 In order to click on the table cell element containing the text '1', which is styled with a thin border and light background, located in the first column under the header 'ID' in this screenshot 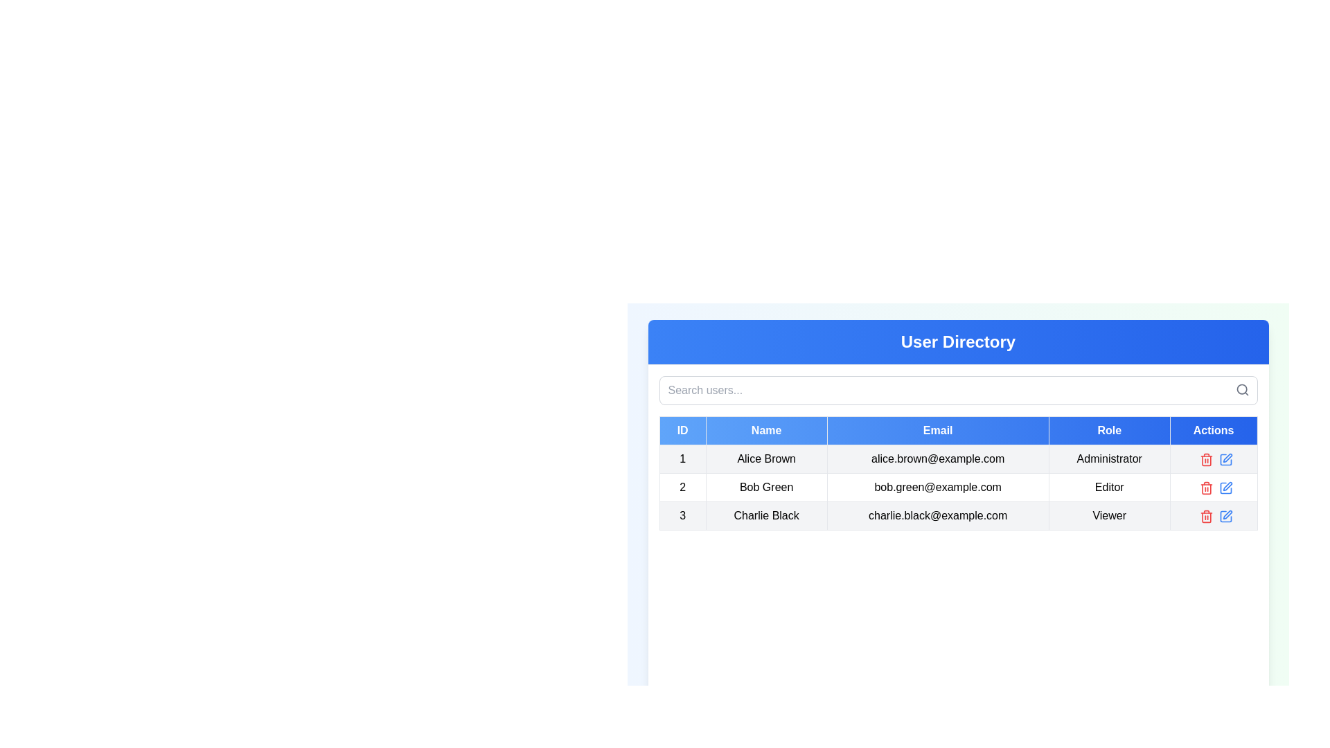, I will do `click(682, 459)`.